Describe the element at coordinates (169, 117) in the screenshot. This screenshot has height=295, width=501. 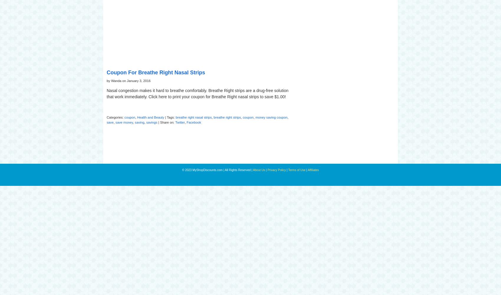
I see `'| 

				
				
					Tags:'` at that location.